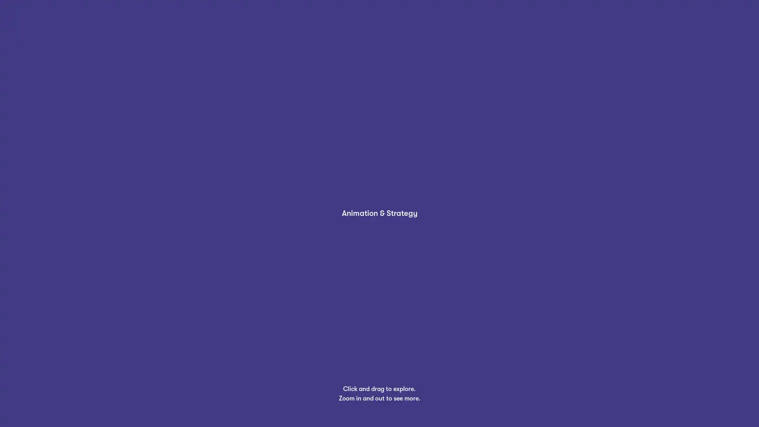  What do you see at coordinates (27, 407) in the screenshot?
I see `Index` at bounding box center [27, 407].